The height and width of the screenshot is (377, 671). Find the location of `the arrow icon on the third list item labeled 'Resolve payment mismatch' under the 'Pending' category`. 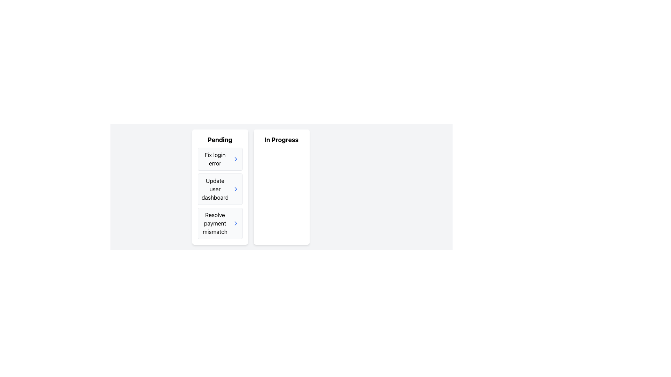

the arrow icon on the third list item labeled 'Resolve payment mismatch' under the 'Pending' category is located at coordinates (219, 223).